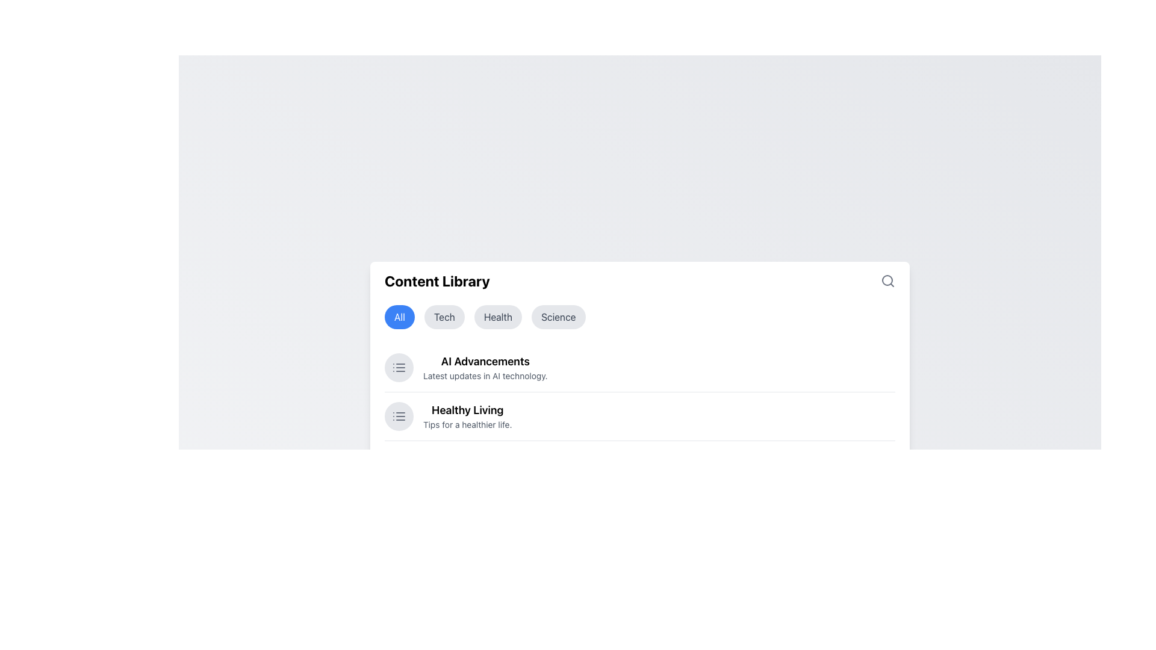  I want to click on the light gray circular button icon representing 'List View' in the Content Library sidebar, so click(399, 415).